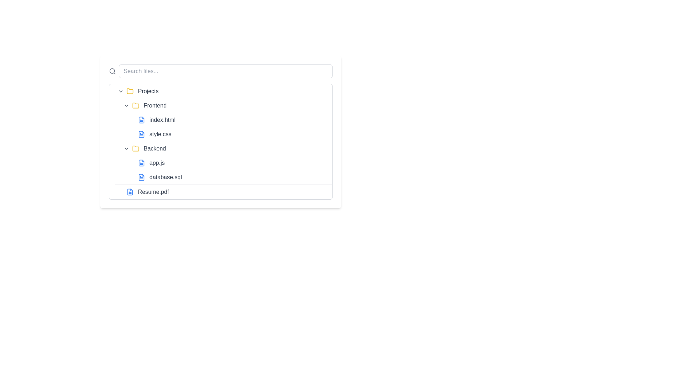 This screenshot has width=688, height=387. What do you see at coordinates (112, 71) in the screenshot?
I see `the magnifying glass icon located to the left of the search bar's text input field, styled in a minimalistic manner with thin strokes` at bounding box center [112, 71].